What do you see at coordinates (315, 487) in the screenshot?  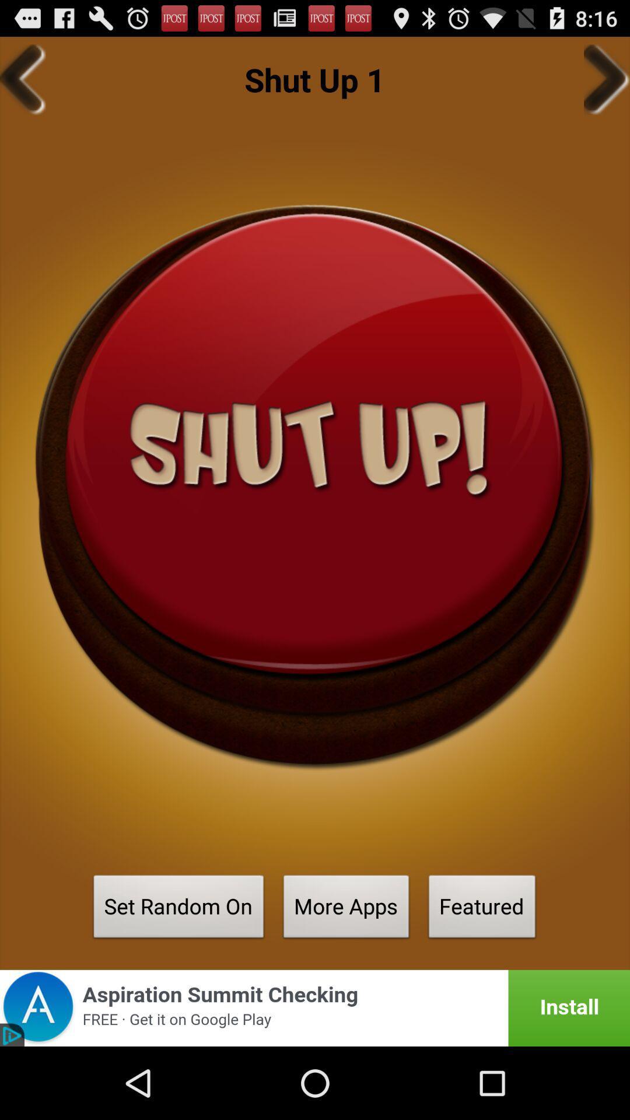 I see `tell people to shut up` at bounding box center [315, 487].